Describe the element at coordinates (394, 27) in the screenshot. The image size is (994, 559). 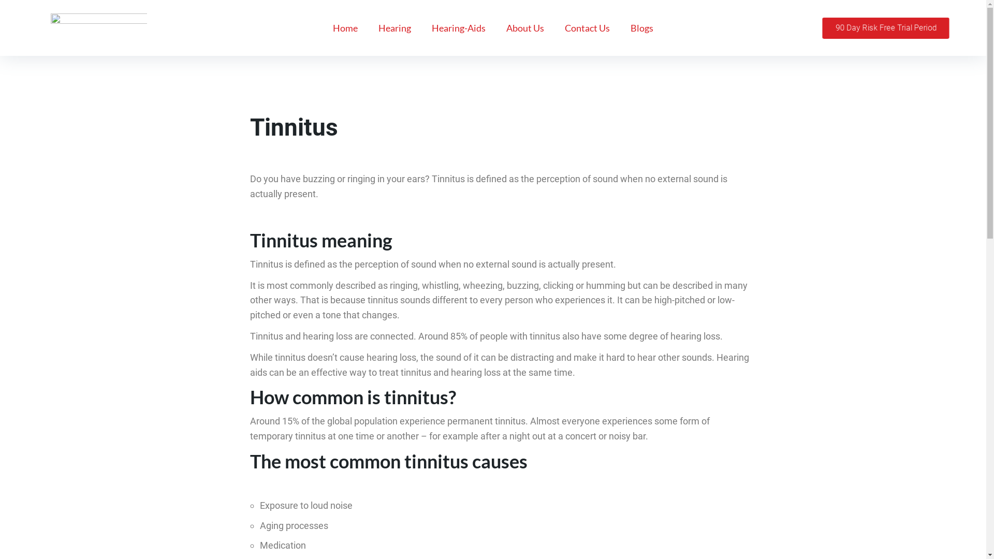
I see `'Hearing'` at that location.